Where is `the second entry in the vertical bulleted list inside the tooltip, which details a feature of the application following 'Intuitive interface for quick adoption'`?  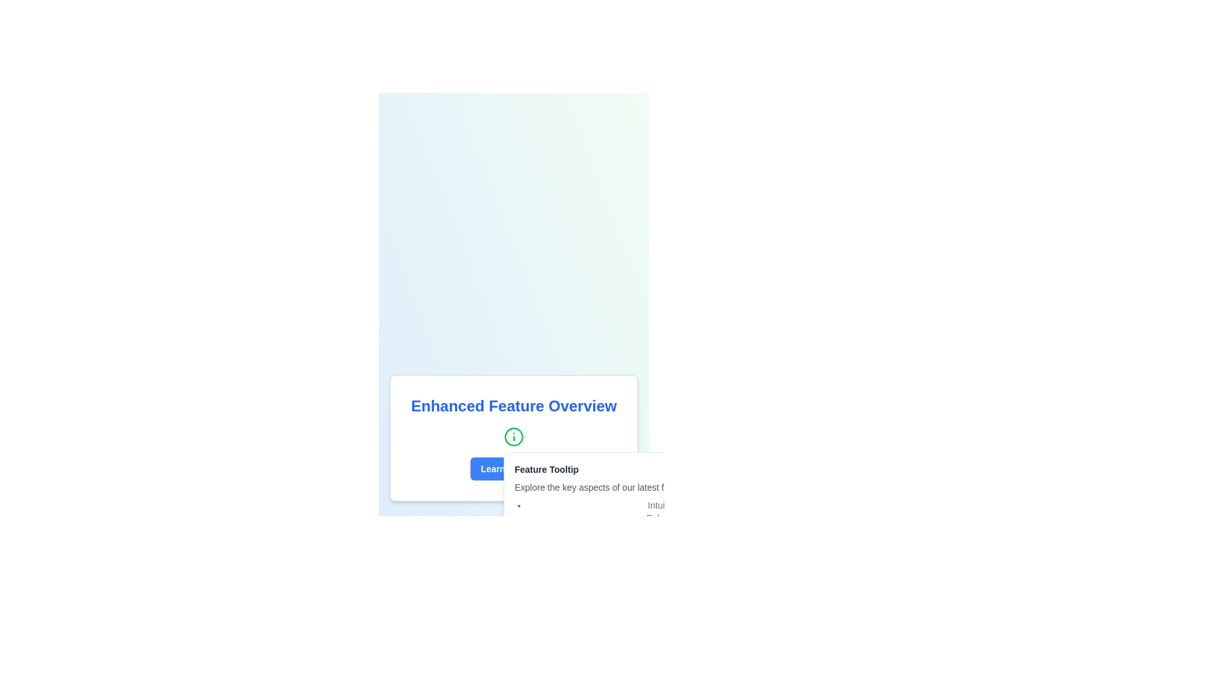 the second entry in the vertical bulleted list inside the tooltip, which details a feature of the application following 'Intuitive interface for quick adoption' is located at coordinates (718, 518).